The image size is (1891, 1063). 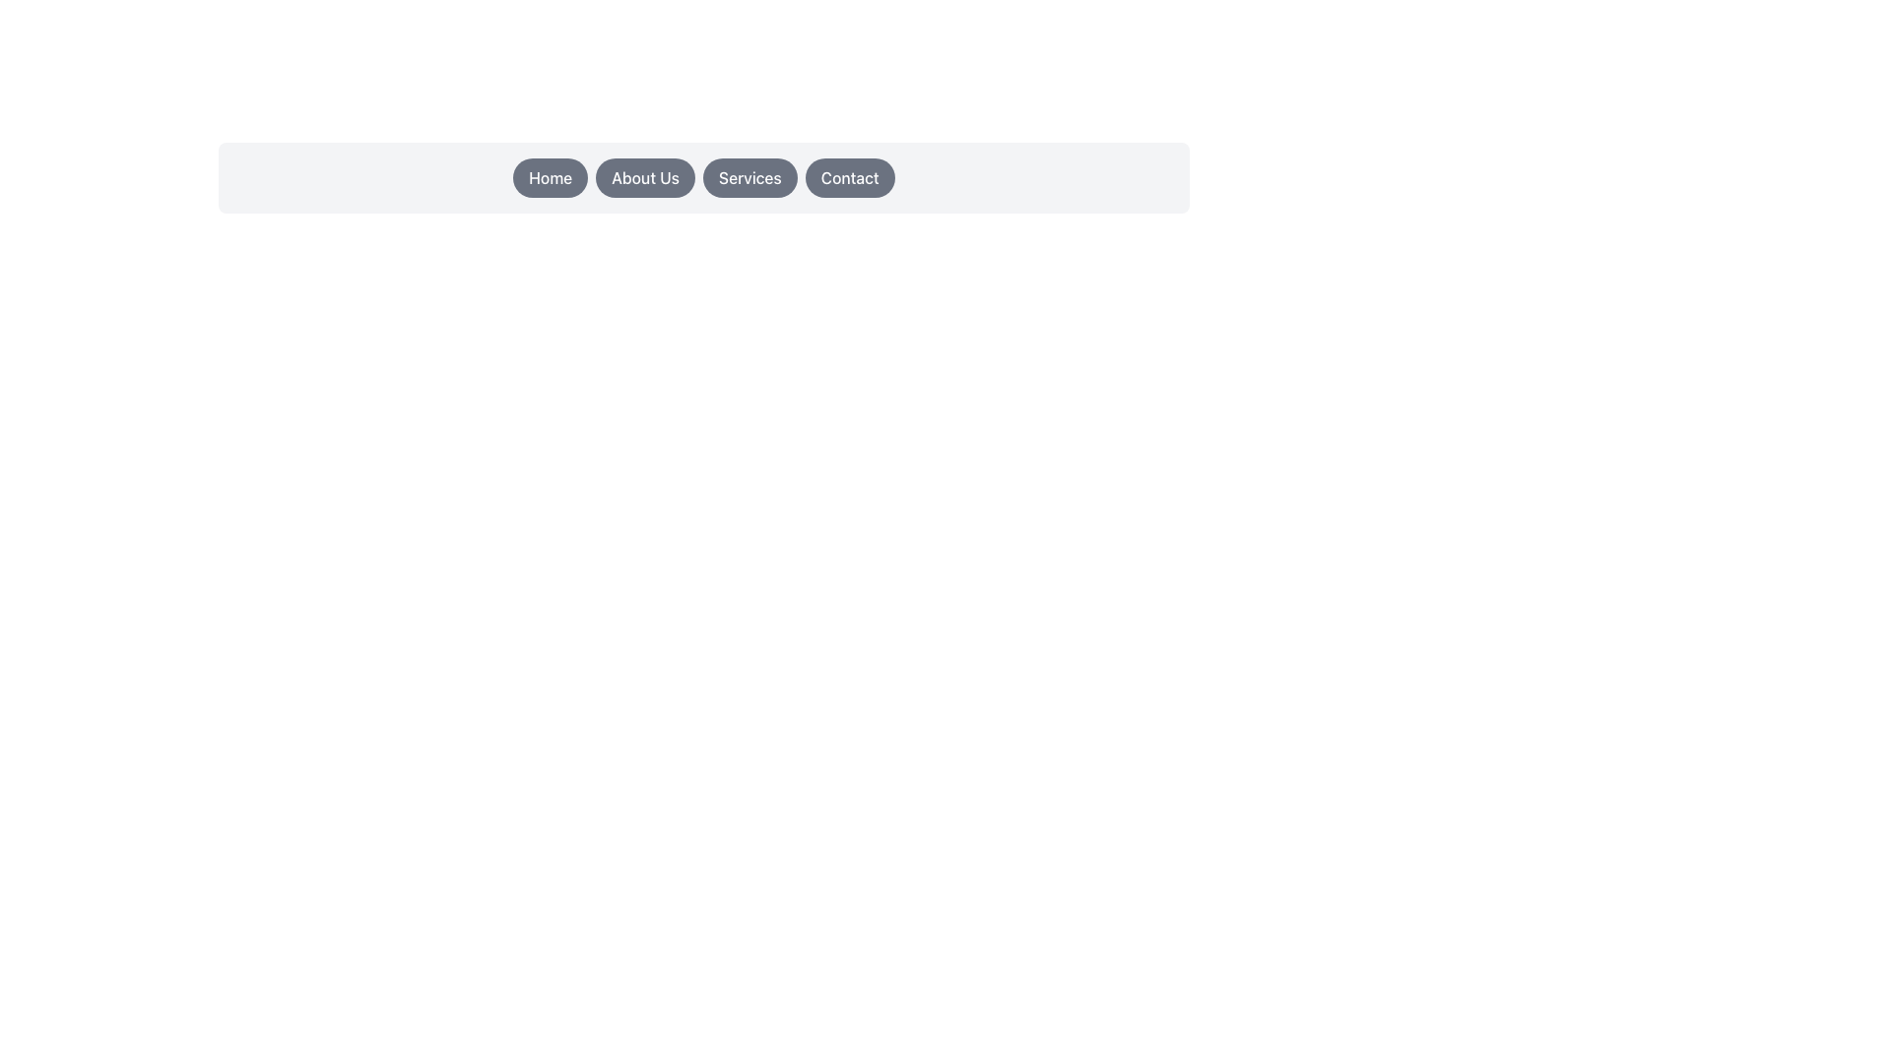 I want to click on the navigation button located at the upper middle section of the interface, which is the first button in a row of buttons next to 'About Us', 'Services', and 'Contact', so click(x=551, y=178).